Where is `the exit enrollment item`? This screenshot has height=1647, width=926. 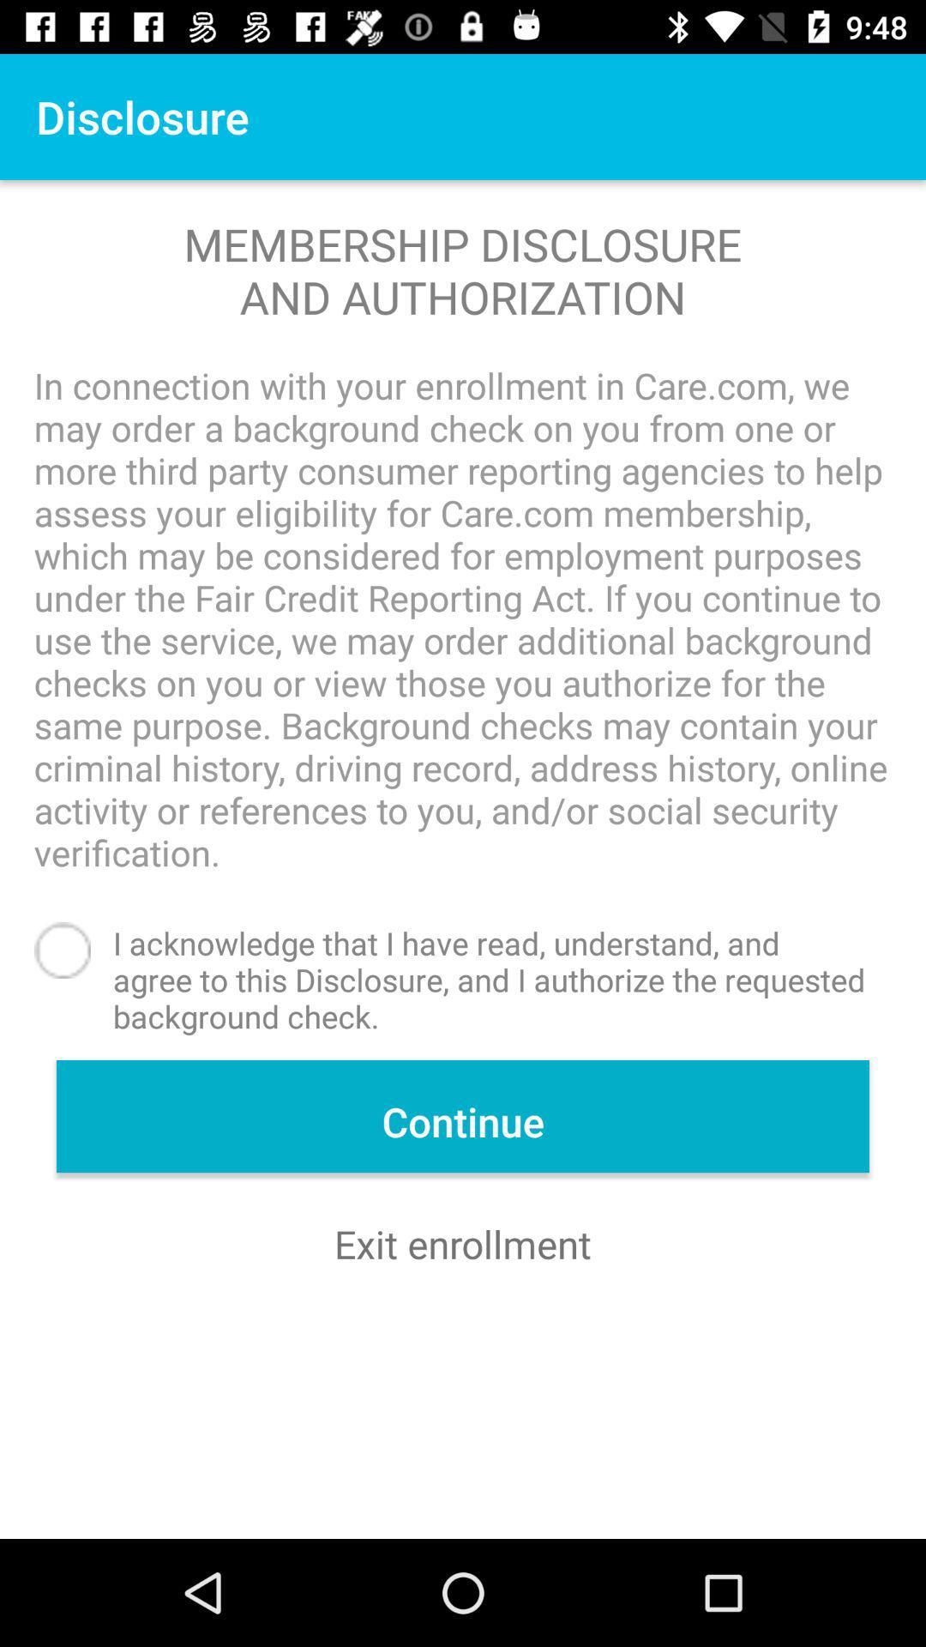
the exit enrollment item is located at coordinates (463, 1244).